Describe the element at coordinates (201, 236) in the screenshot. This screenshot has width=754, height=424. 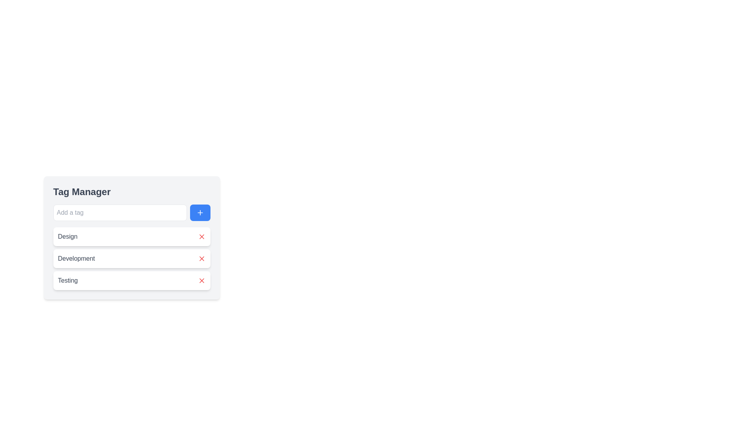
I see `the Icon button located to the right of the 'Design' tag text in the 'Tag Manager' section` at that location.